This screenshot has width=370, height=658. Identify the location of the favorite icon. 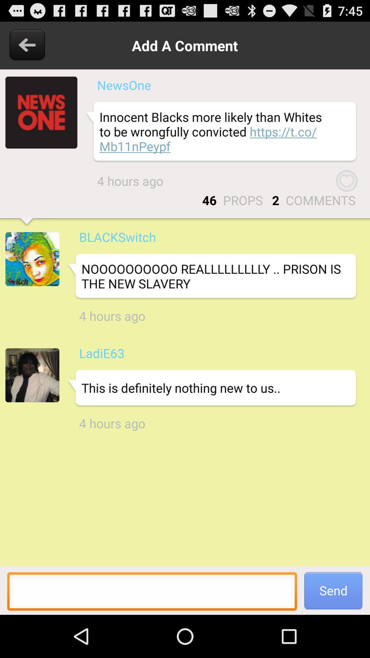
(346, 193).